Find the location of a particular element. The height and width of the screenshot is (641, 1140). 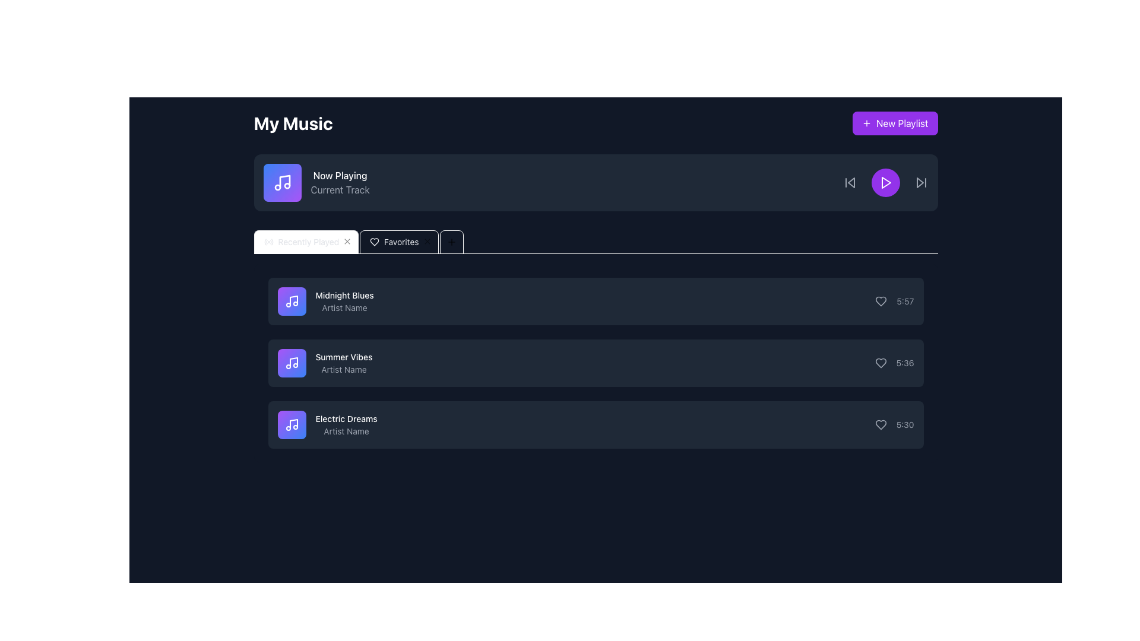

text displayed in the Information display section, which shows 'Now Playing' in bold white font and 'Current Track' in gray font, located to the right of the music note icon is located at coordinates (316, 183).